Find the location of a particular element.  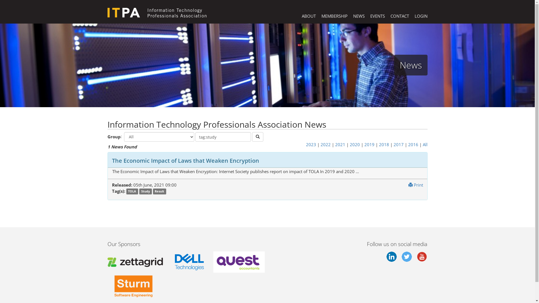

'Dell' is located at coordinates (189, 262).